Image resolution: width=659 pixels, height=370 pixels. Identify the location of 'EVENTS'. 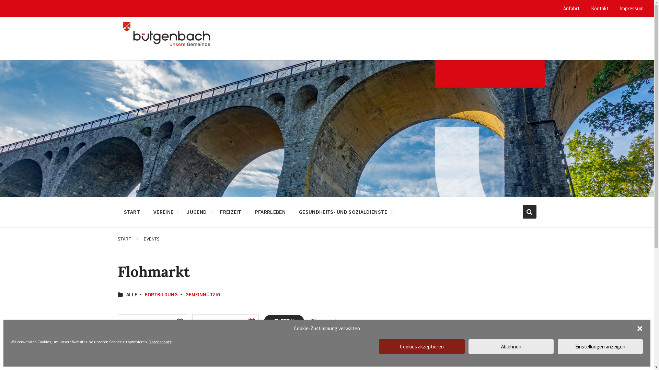
(151, 238).